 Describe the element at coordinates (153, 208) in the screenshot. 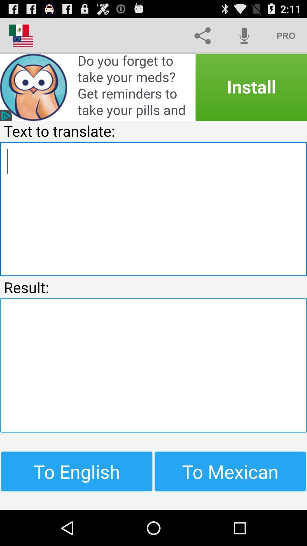

I see `text you want to translate` at that location.